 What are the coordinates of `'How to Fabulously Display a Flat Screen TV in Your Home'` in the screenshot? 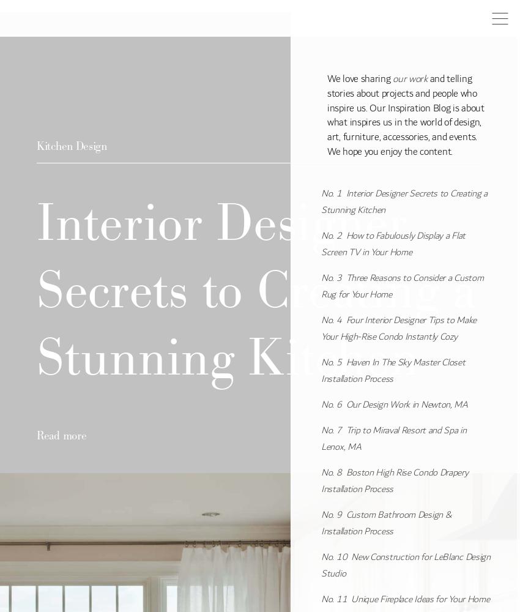 It's located at (393, 244).